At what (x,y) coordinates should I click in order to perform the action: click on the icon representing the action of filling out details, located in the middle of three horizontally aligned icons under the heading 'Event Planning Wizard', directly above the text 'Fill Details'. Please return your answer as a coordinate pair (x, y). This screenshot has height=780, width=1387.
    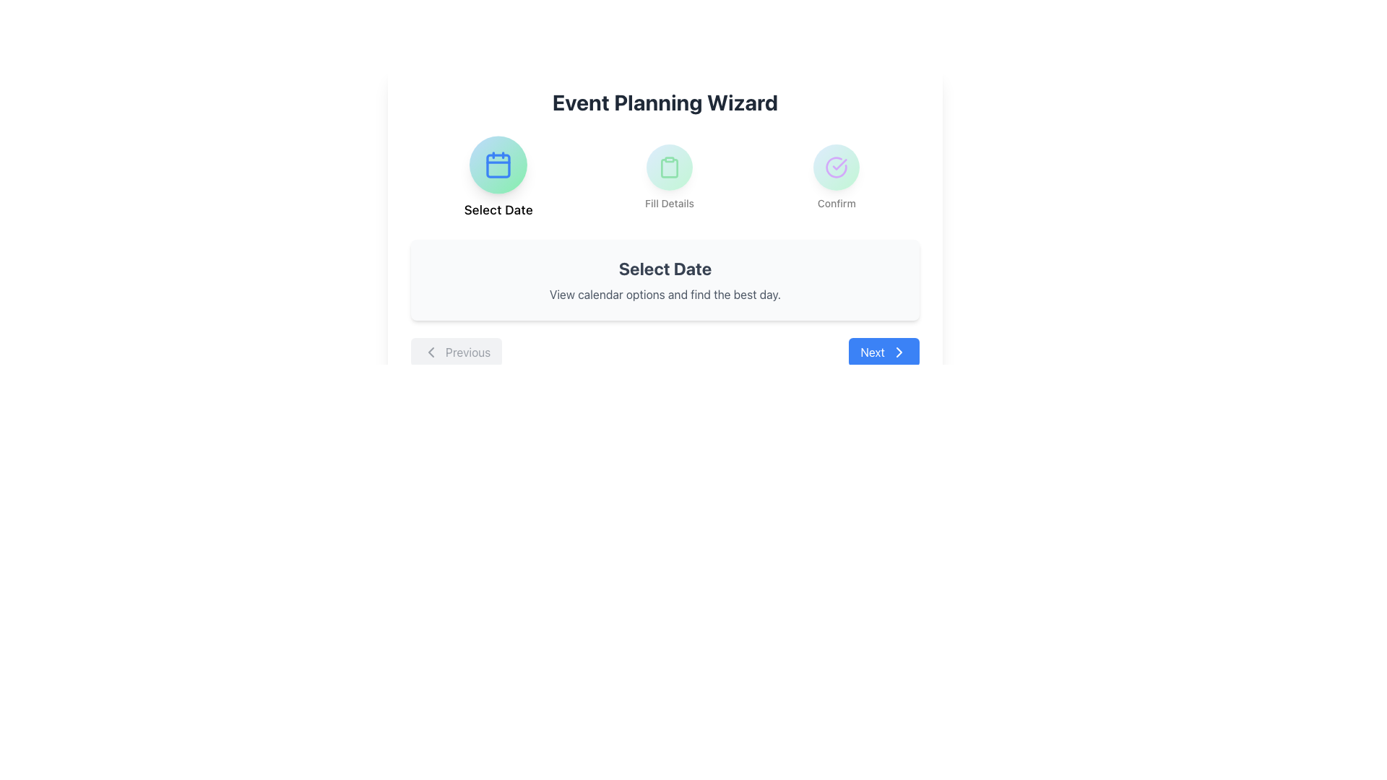
    Looking at the image, I should click on (669, 168).